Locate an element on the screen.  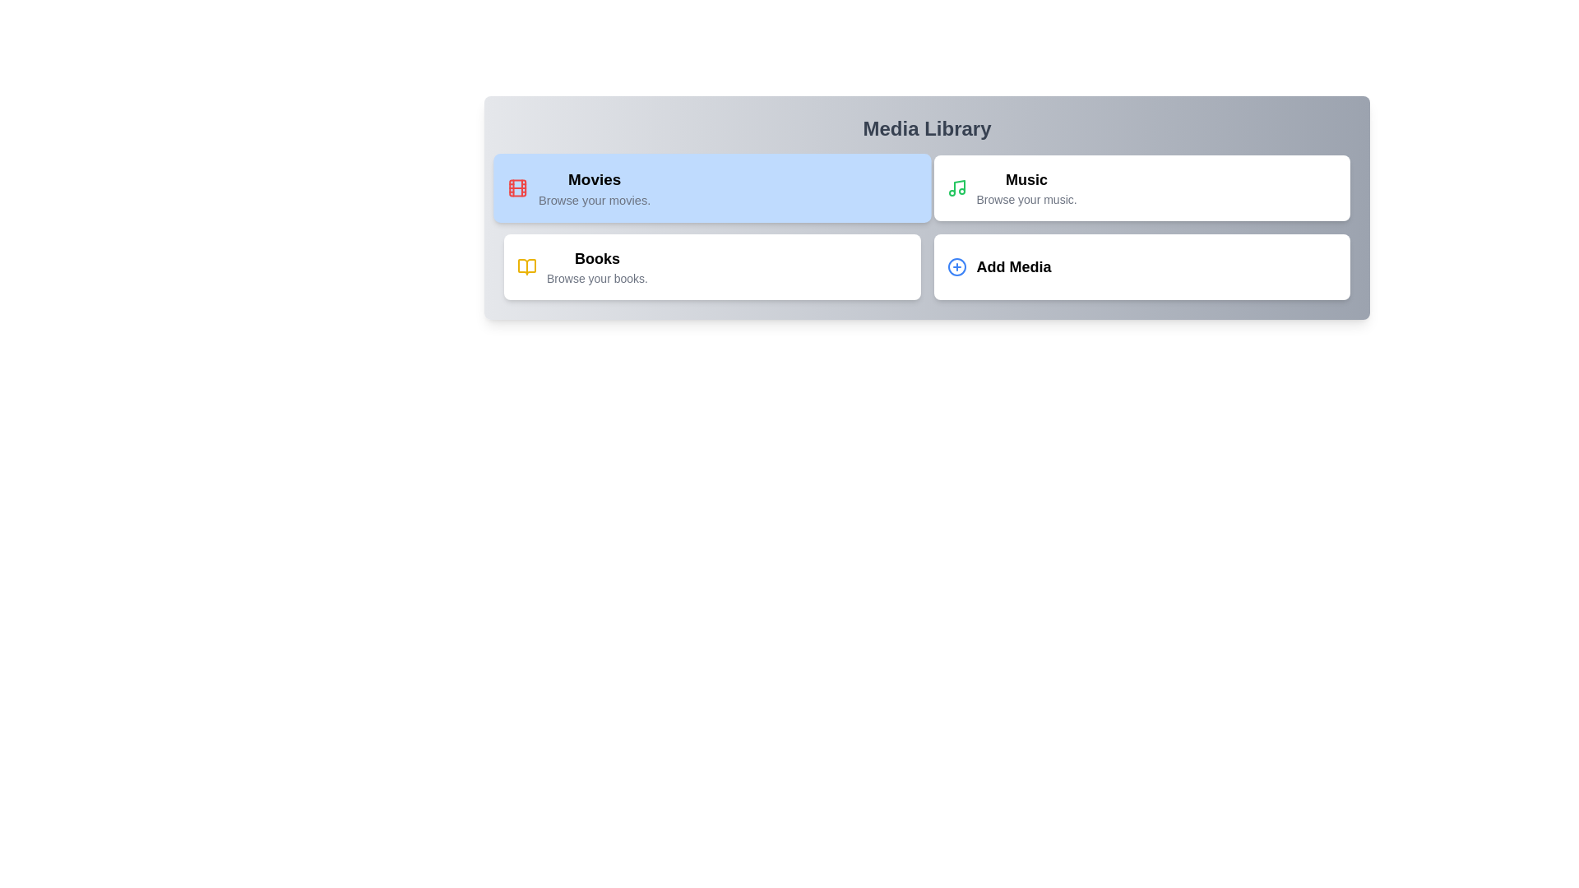
the category button corresponding to Books is located at coordinates (711, 266).